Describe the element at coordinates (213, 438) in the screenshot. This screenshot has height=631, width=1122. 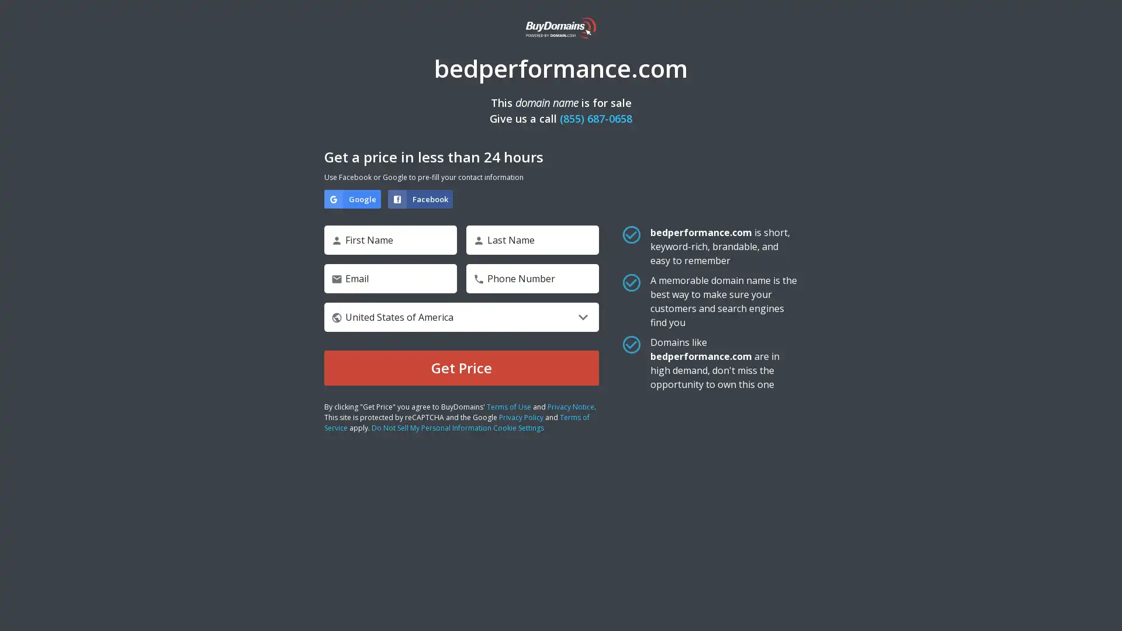
I see `Close` at that location.